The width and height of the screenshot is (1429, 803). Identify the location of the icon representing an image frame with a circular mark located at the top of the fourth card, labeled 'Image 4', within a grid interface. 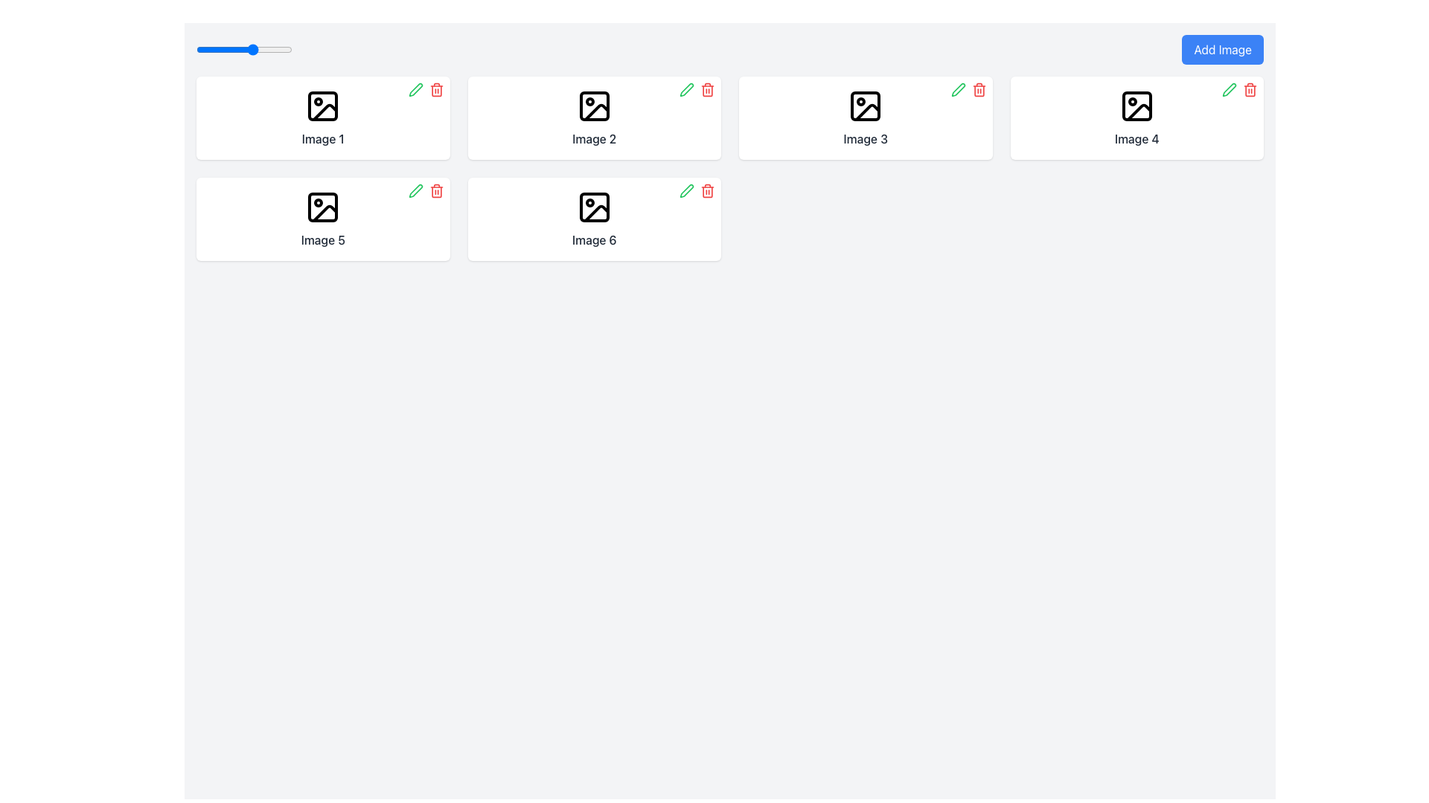
(1136, 105).